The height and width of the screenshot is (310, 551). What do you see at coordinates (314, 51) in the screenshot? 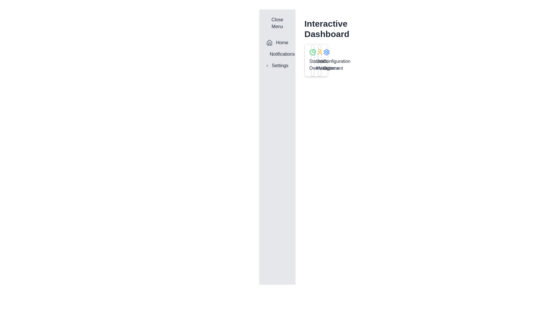
I see `the first segment of the pie chart icon located in the right area of the sidebar, adjacent to the 'Interactive Dashboard' text` at bounding box center [314, 51].